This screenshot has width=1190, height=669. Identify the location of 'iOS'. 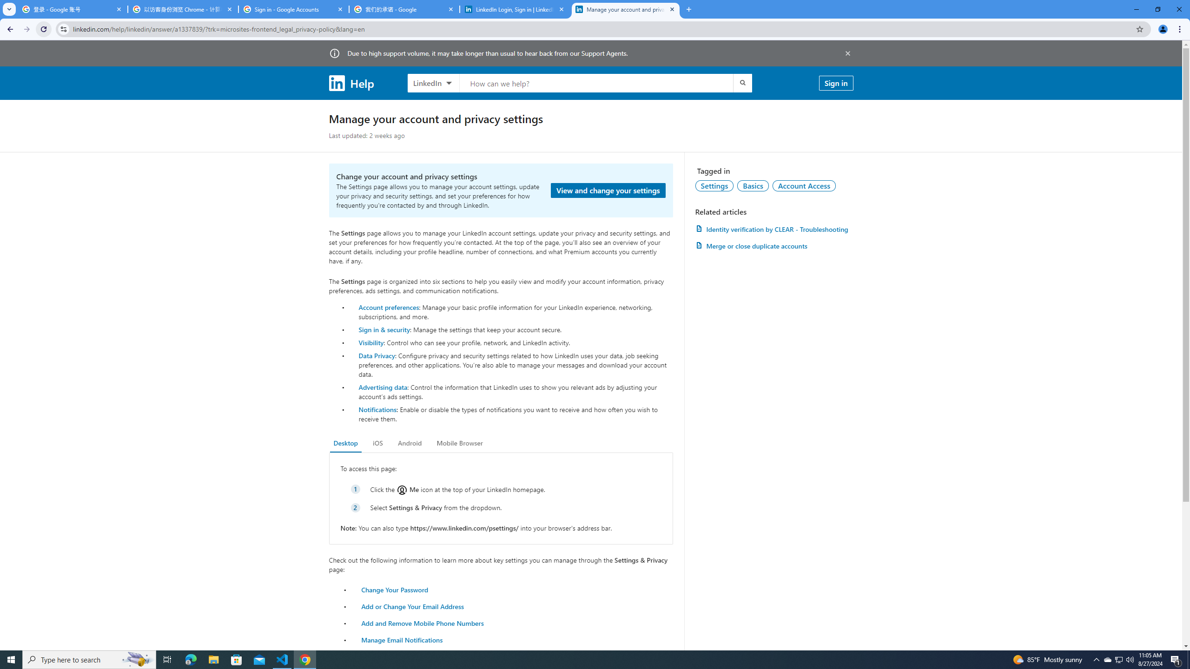
(377, 443).